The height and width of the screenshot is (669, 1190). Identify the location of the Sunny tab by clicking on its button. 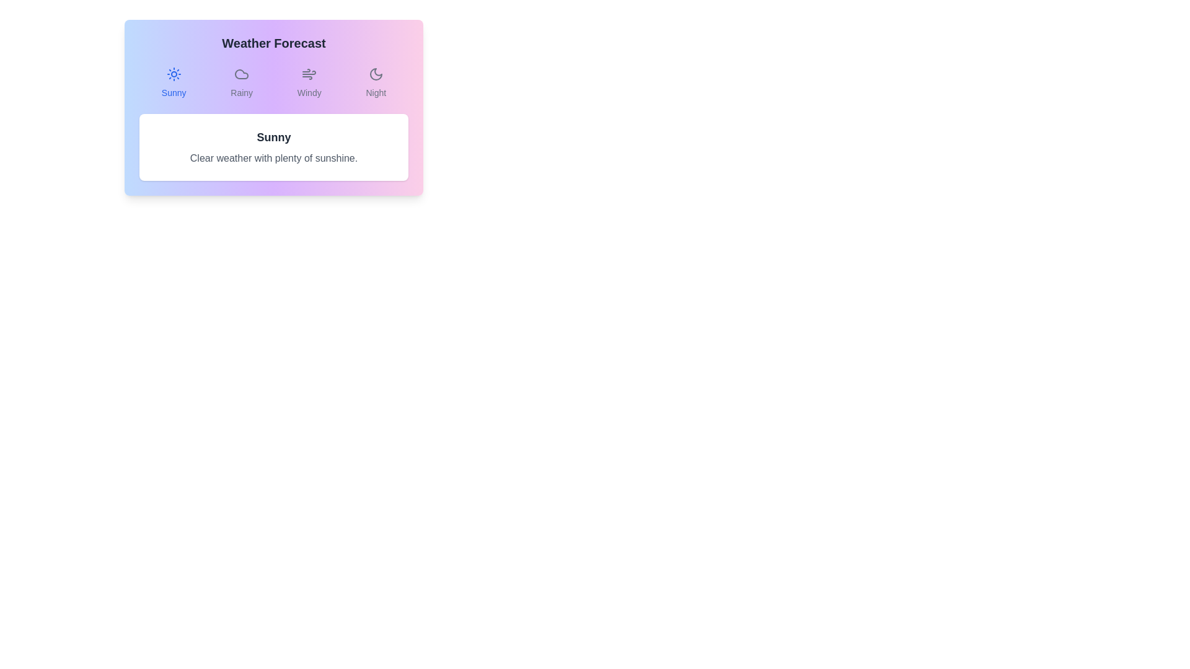
(173, 83).